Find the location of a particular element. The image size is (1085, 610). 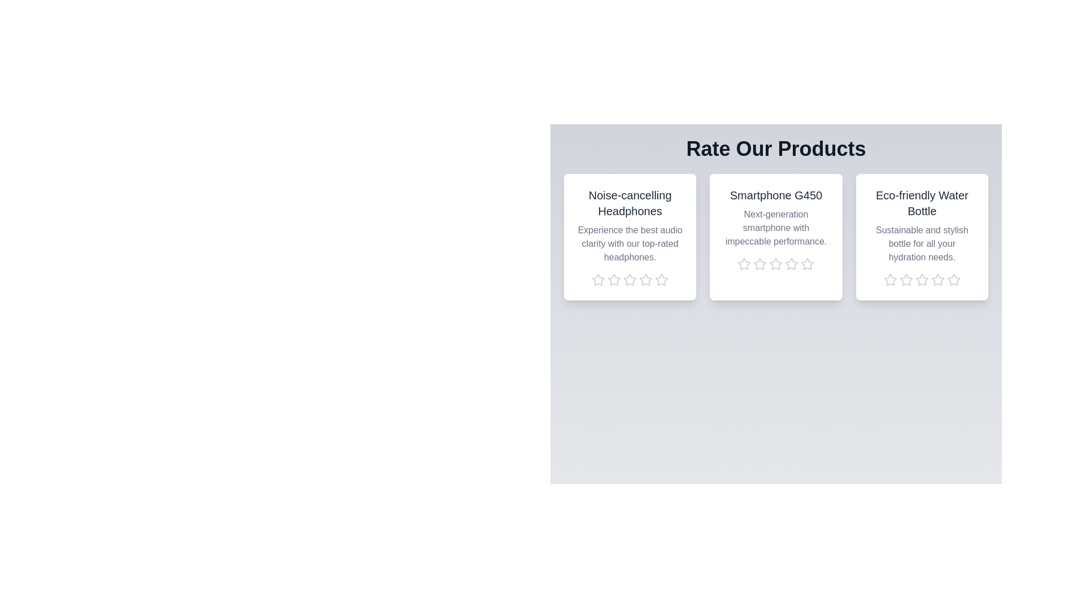

the rating of the product 'Smartphone G450' to 2 stars is located at coordinates (759, 264).